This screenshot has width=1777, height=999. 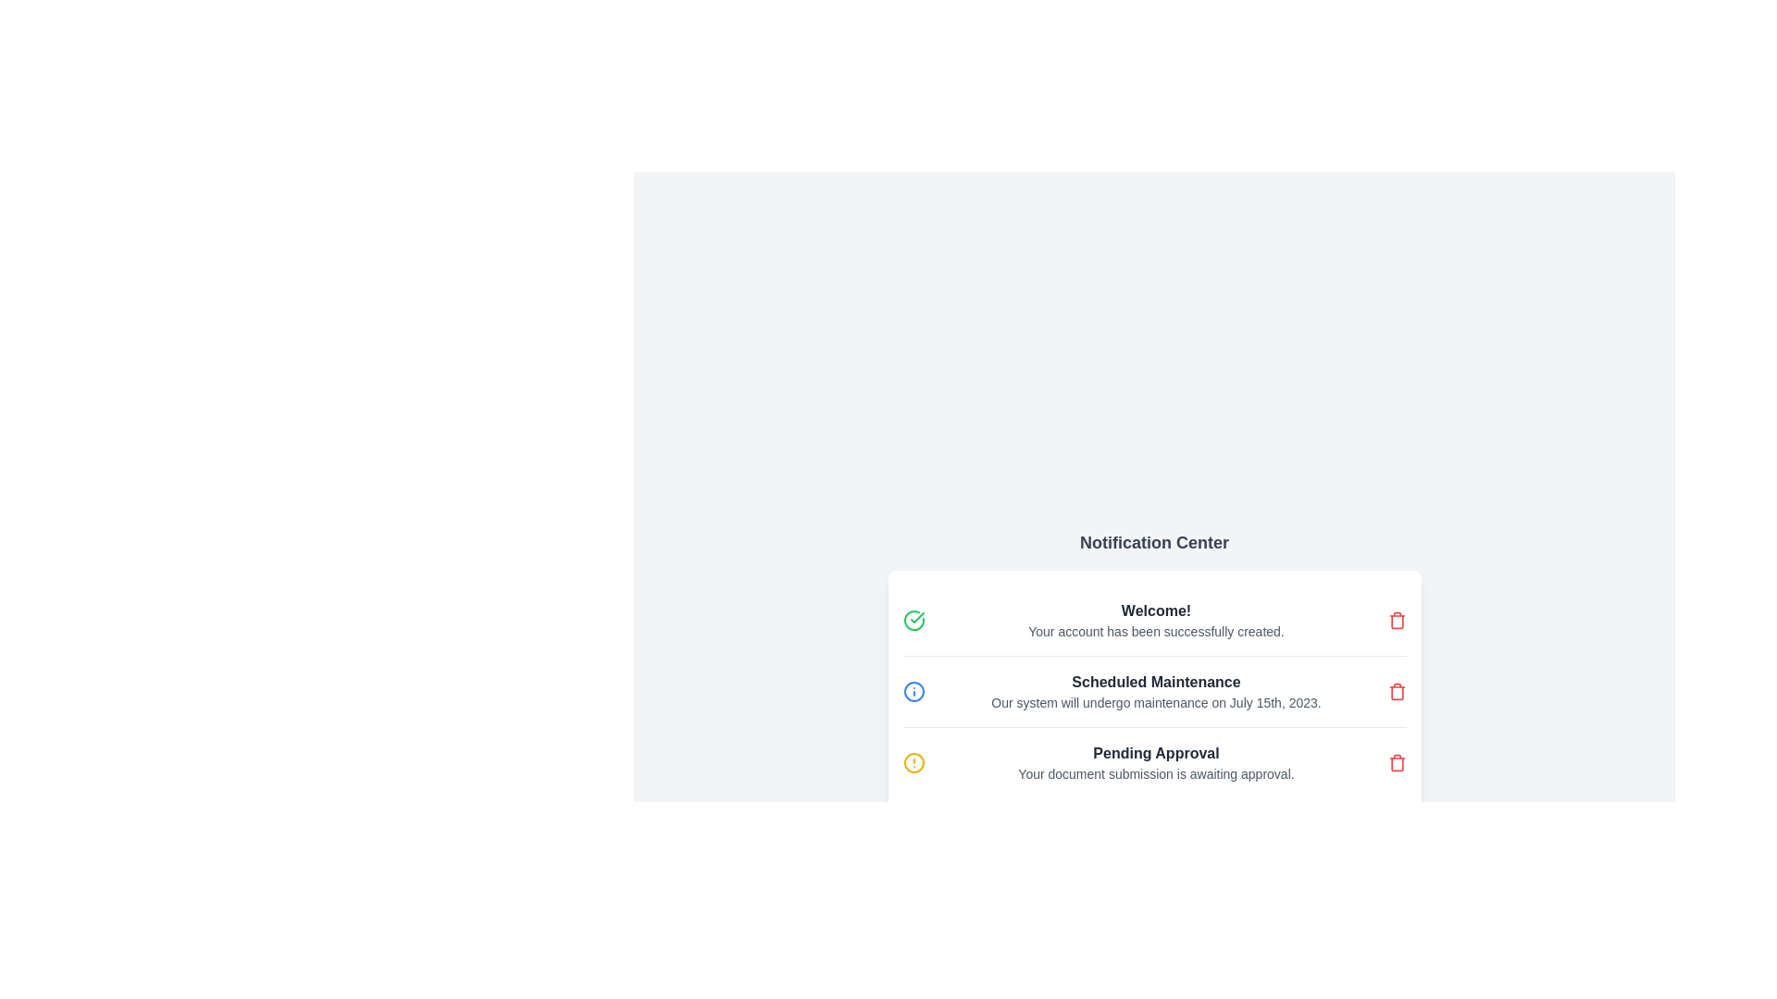 What do you see at coordinates (1153, 692) in the screenshot?
I see `notification titled 'Scheduled Maintenance' which is the second notification card in the Notification Center` at bounding box center [1153, 692].